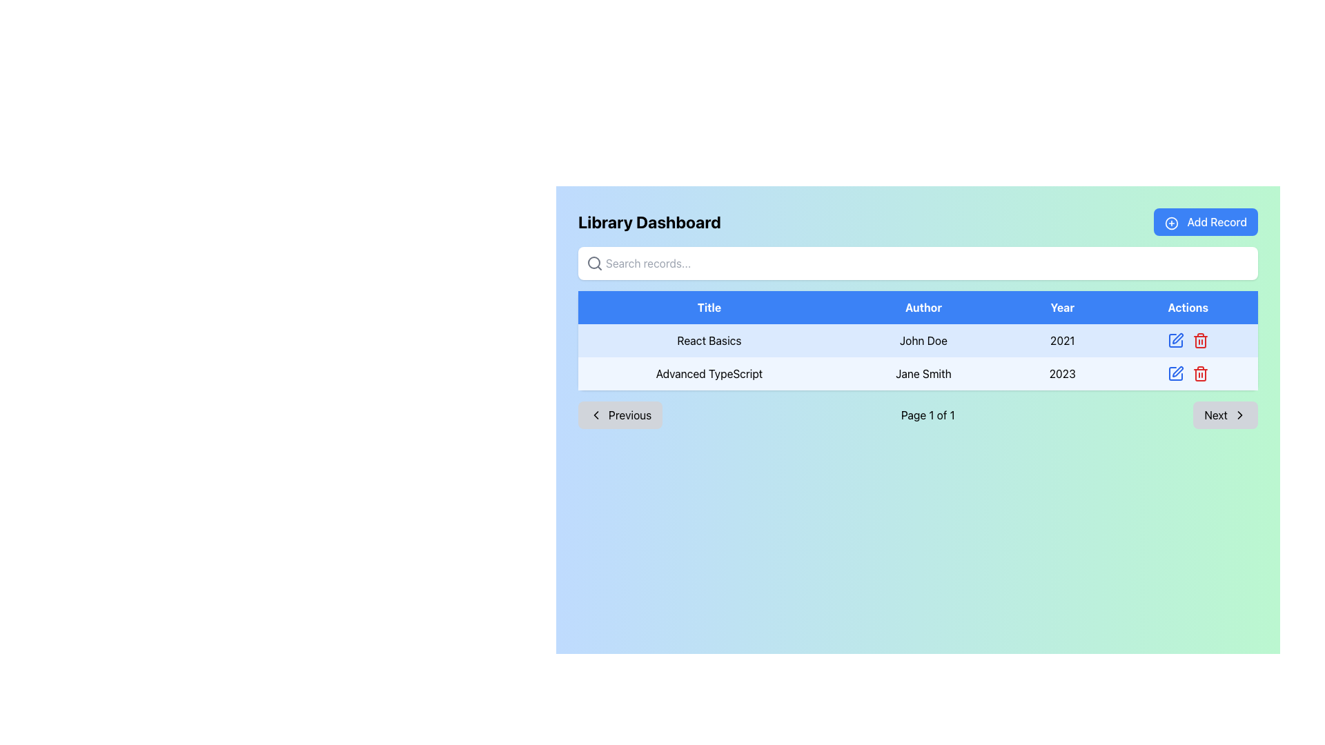 This screenshot has width=1325, height=745. What do you see at coordinates (1061, 340) in the screenshot?
I see `the text label displaying '2021' in the third column labeled 'Year' of the data table, corresponding to the 'React Basics' entry in the 'Title' column and the 'John Doe' entry in the 'Author' column` at bounding box center [1061, 340].